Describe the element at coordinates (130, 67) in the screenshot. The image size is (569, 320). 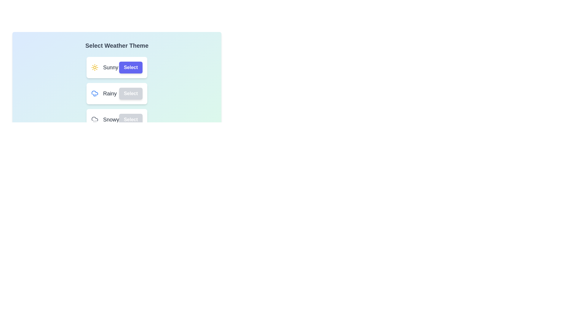
I see `'Select' button for the weather theme sunny` at that location.